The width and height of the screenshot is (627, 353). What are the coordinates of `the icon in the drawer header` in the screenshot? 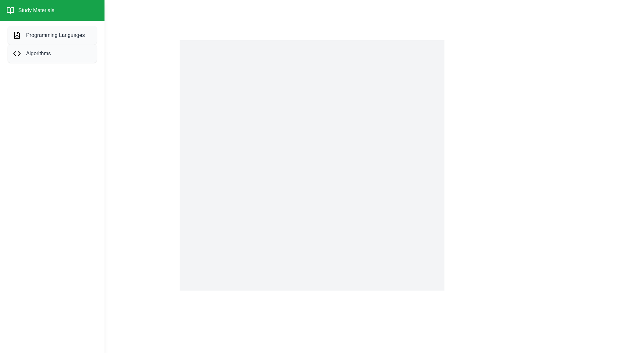 It's located at (10, 10).